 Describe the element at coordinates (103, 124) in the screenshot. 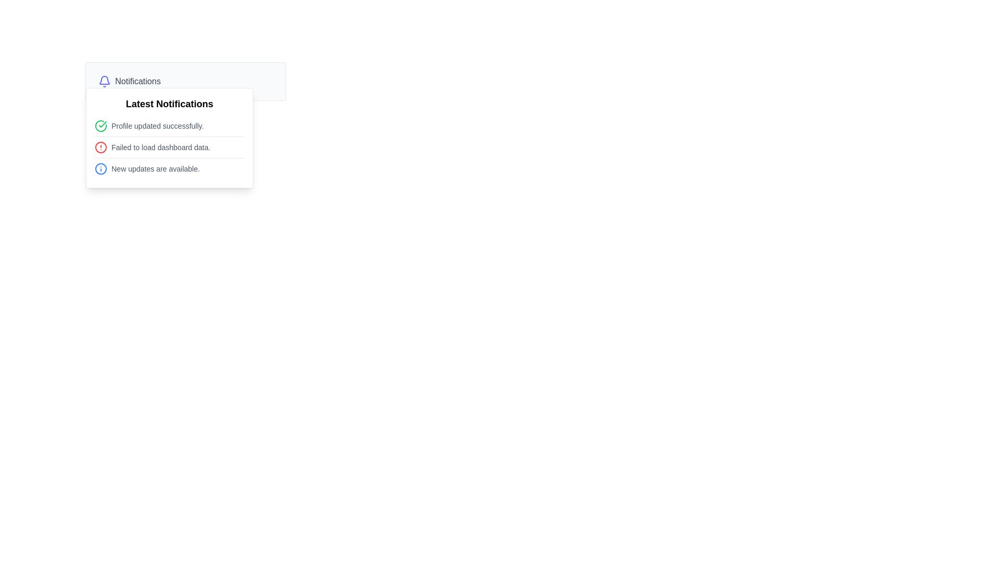

I see `the green check mark icon within the notifications dropdown, which indicates a positive confirmation for the 'Profile updated successfully' status message` at that location.